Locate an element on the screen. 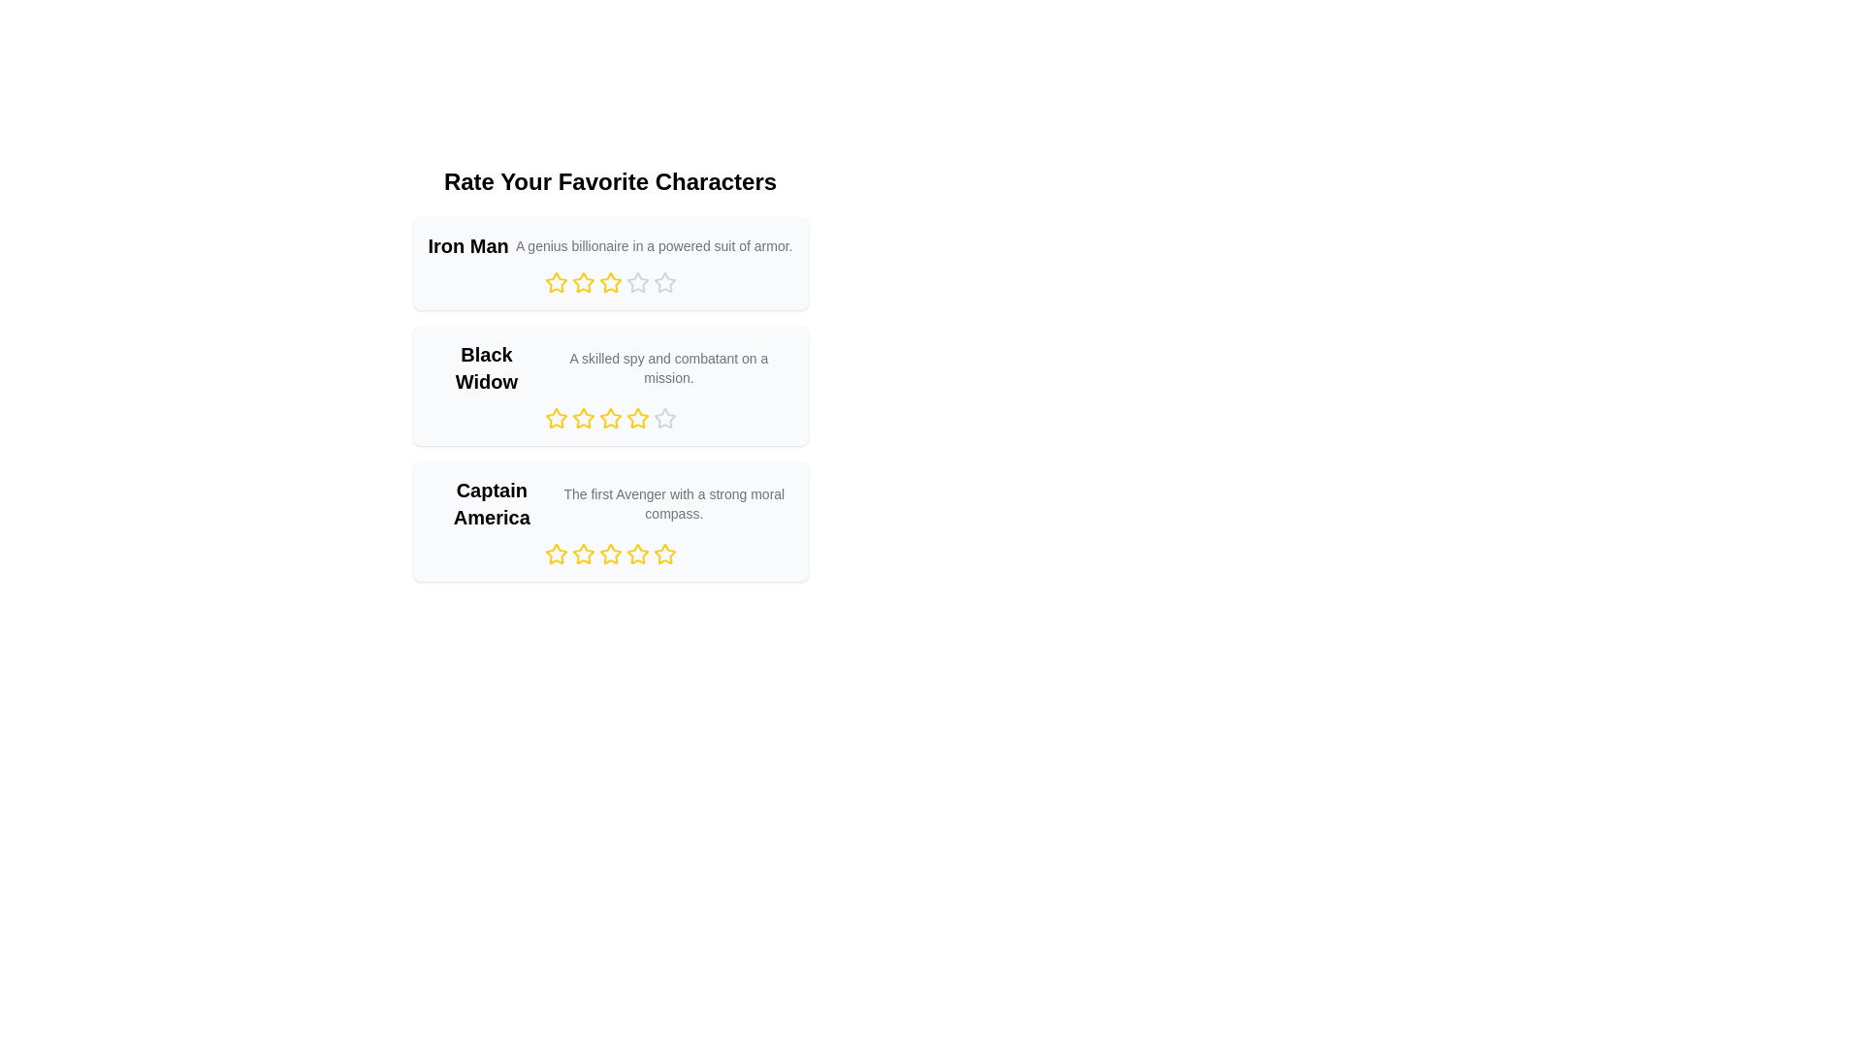  from the fourth star icon in the rating row for 'Captain America' is located at coordinates (637, 554).